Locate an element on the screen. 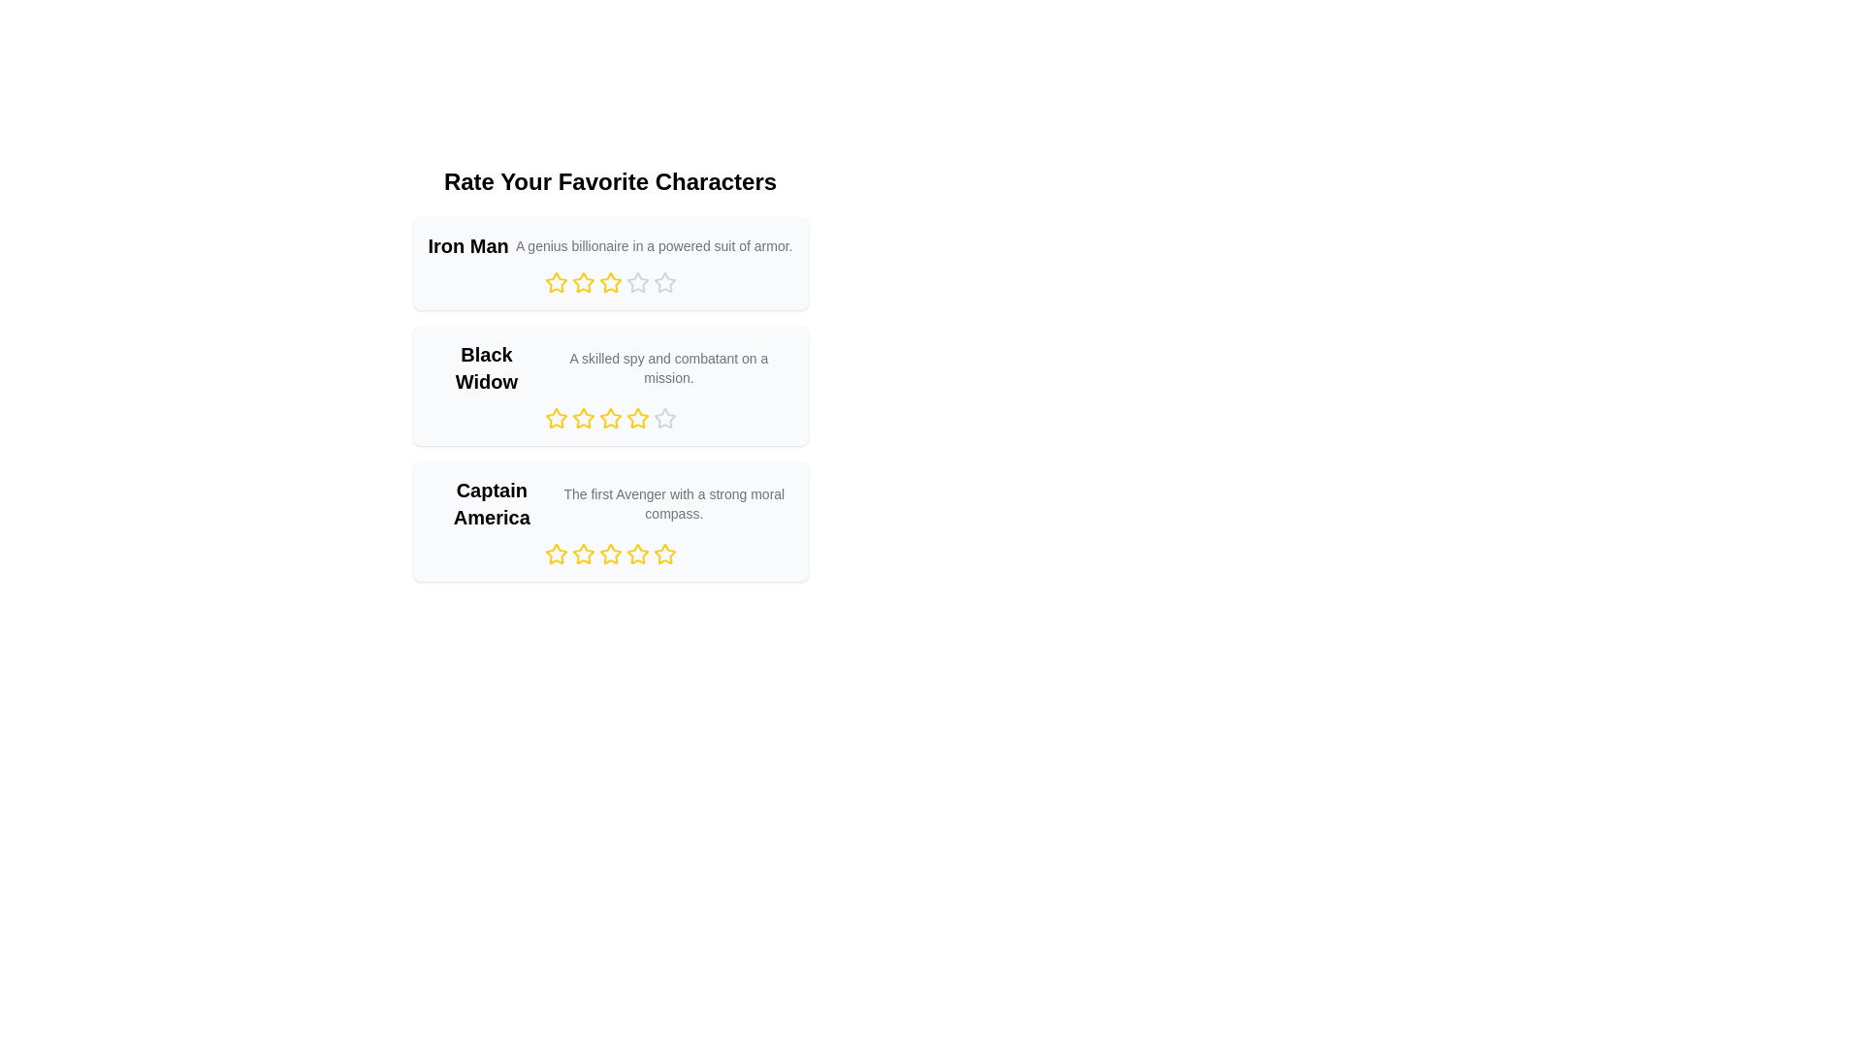  from the fourth star icon in the rating row for 'Captain America' is located at coordinates (637, 554).